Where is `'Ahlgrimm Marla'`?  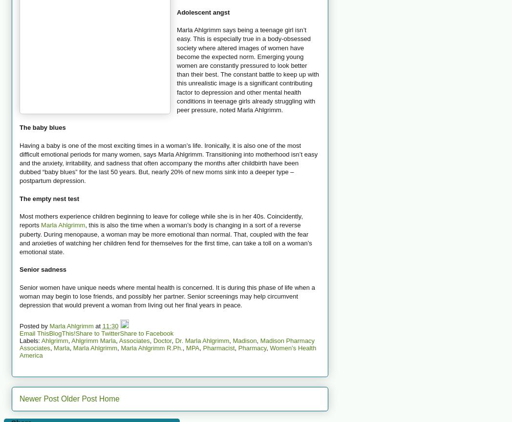
'Ahlgrimm Marla' is located at coordinates (93, 340).